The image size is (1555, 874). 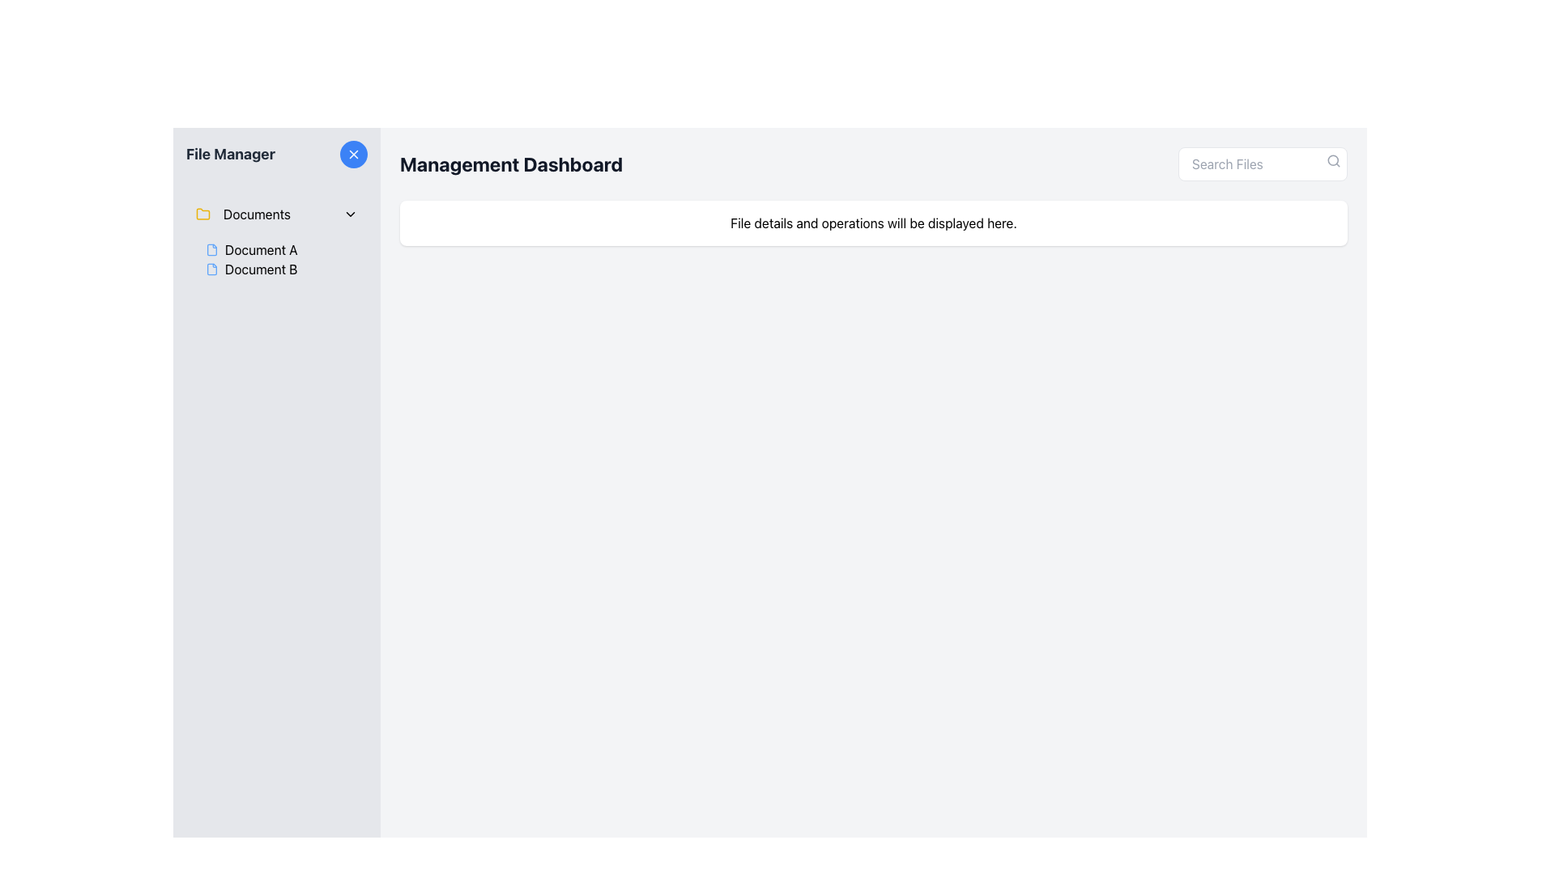 I want to click on the circular blue button with a white cross icon in the header of the 'File Manager' section, so click(x=352, y=155).